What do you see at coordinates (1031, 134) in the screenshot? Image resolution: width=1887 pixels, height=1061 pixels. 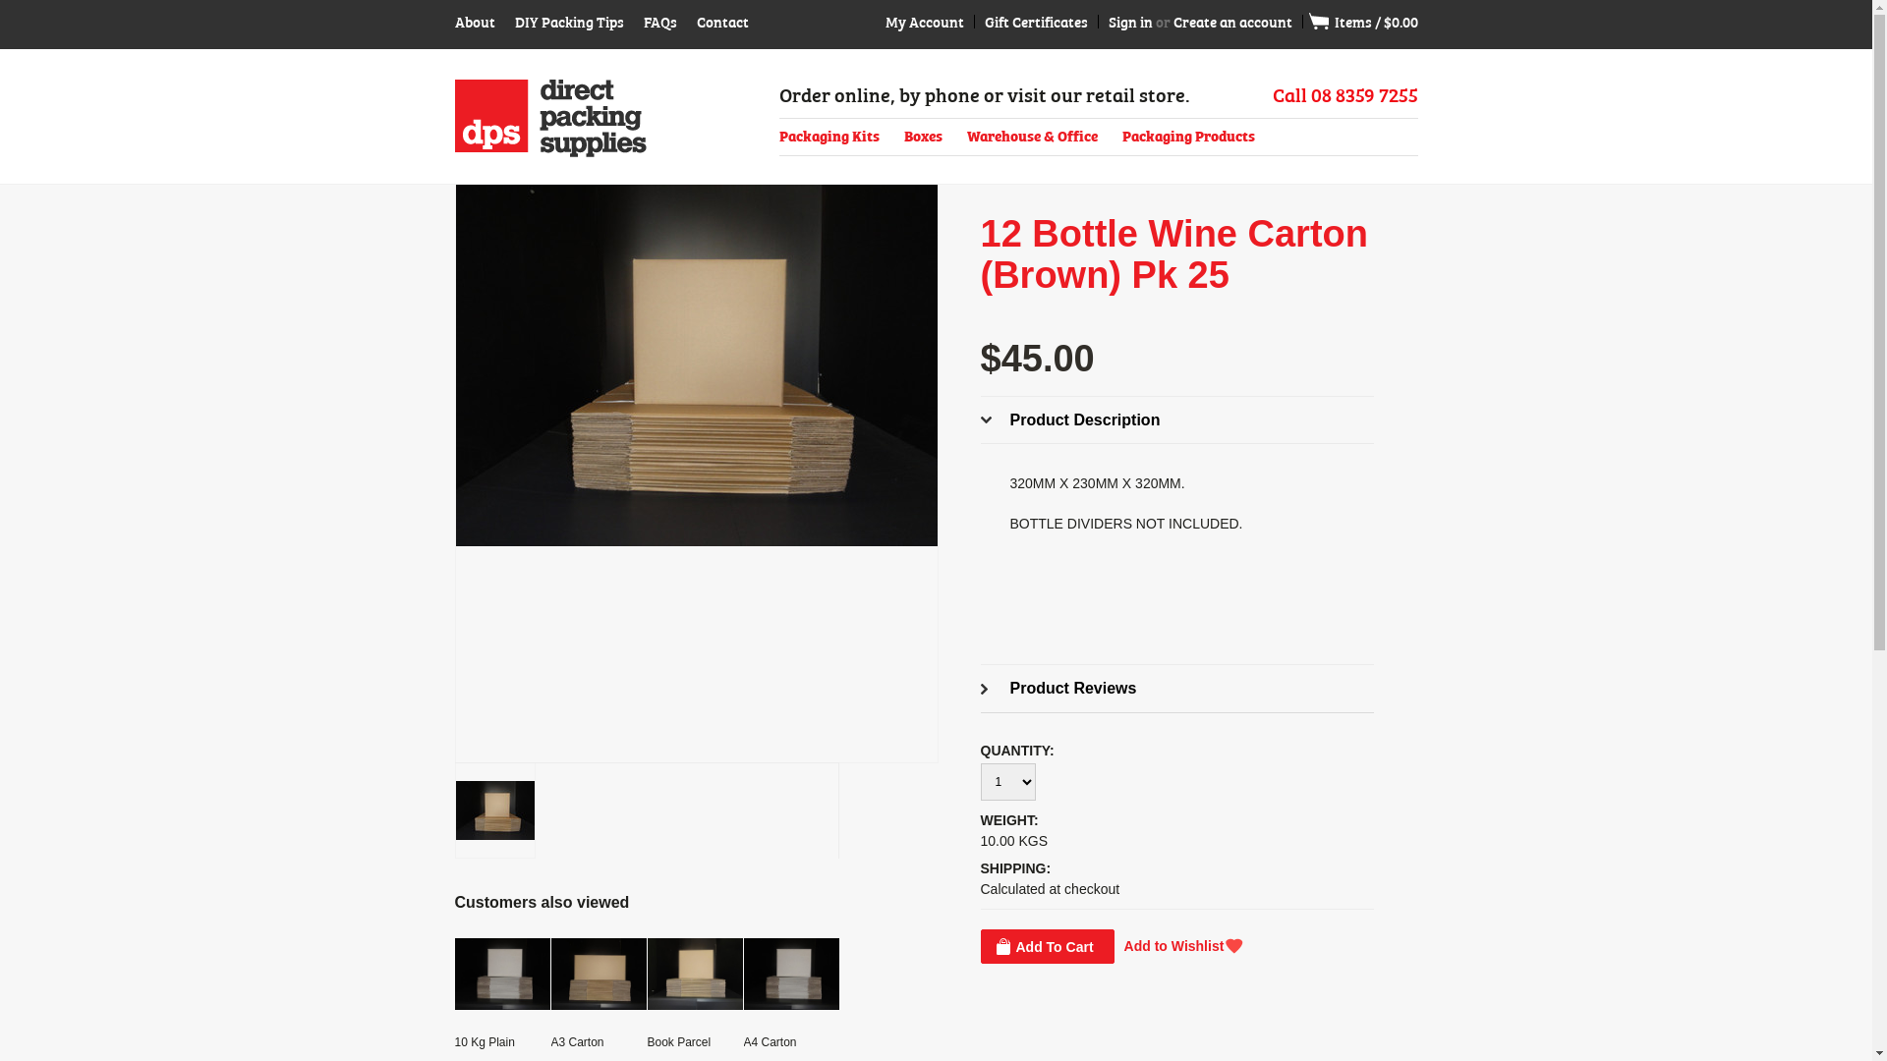 I see `'Warehouse & Office'` at bounding box center [1031, 134].